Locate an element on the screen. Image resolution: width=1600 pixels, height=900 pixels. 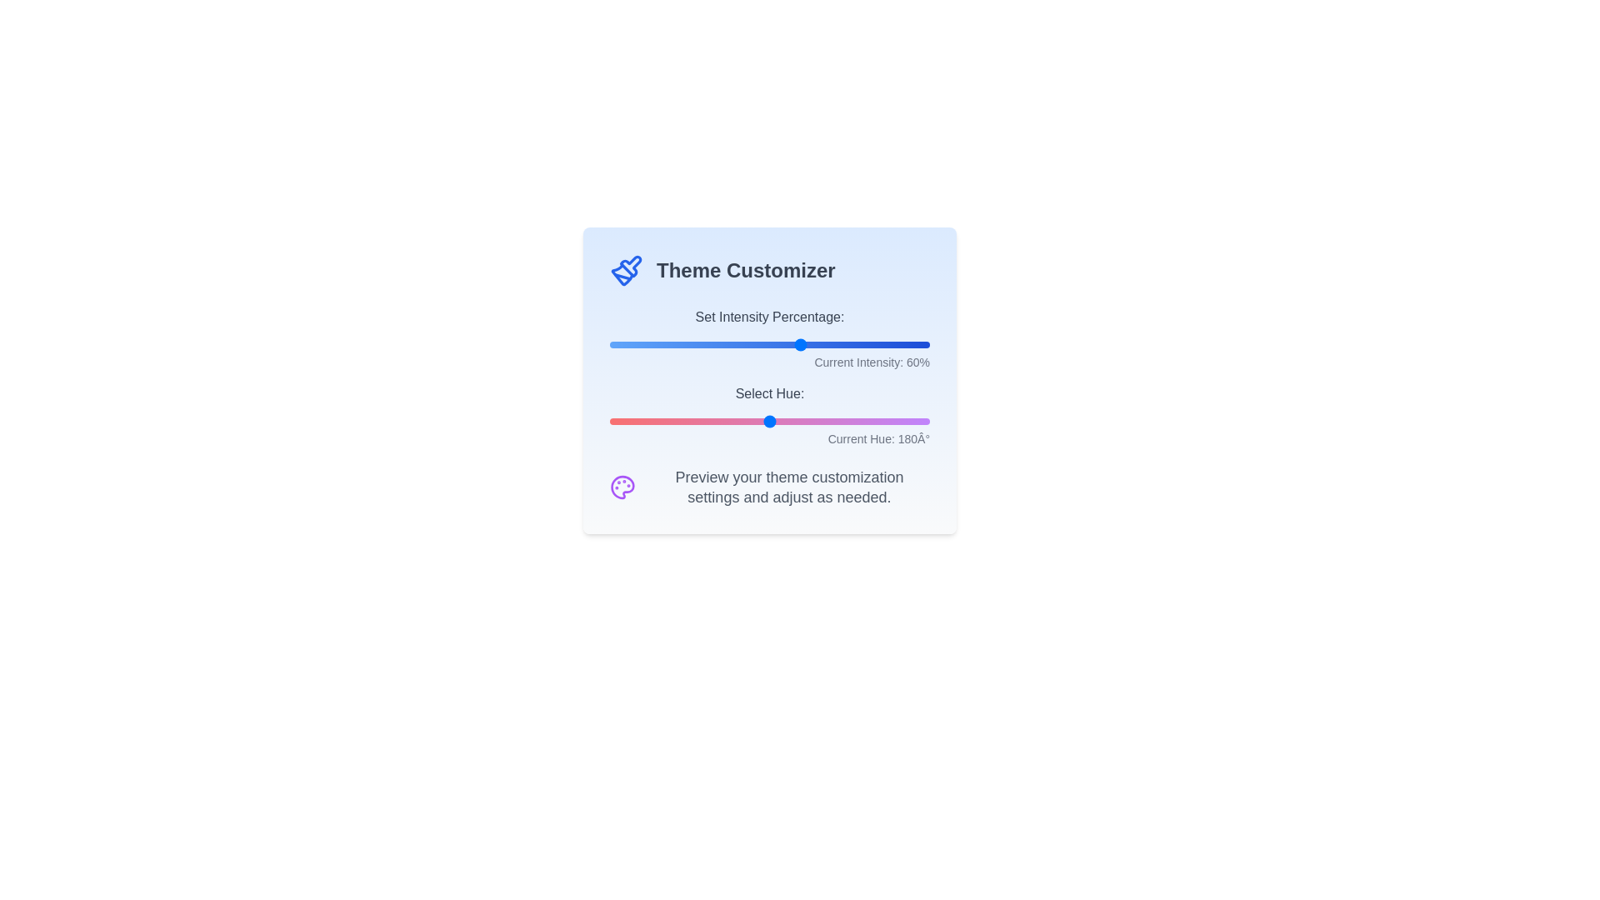
the 'Paintbrush' icon in the Theme Customizer is located at coordinates (626, 269).